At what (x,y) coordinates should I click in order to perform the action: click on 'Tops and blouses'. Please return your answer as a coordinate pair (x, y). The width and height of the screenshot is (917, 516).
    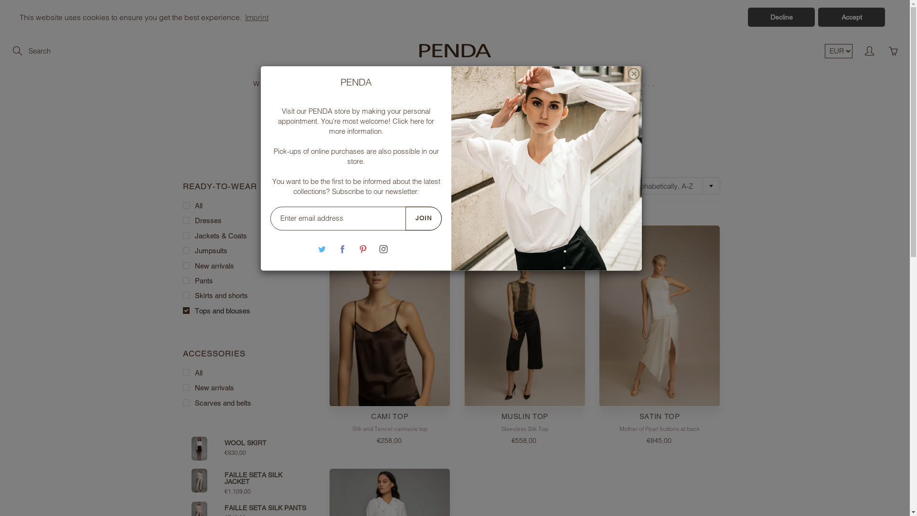
    Looking at the image, I should click on (245, 311).